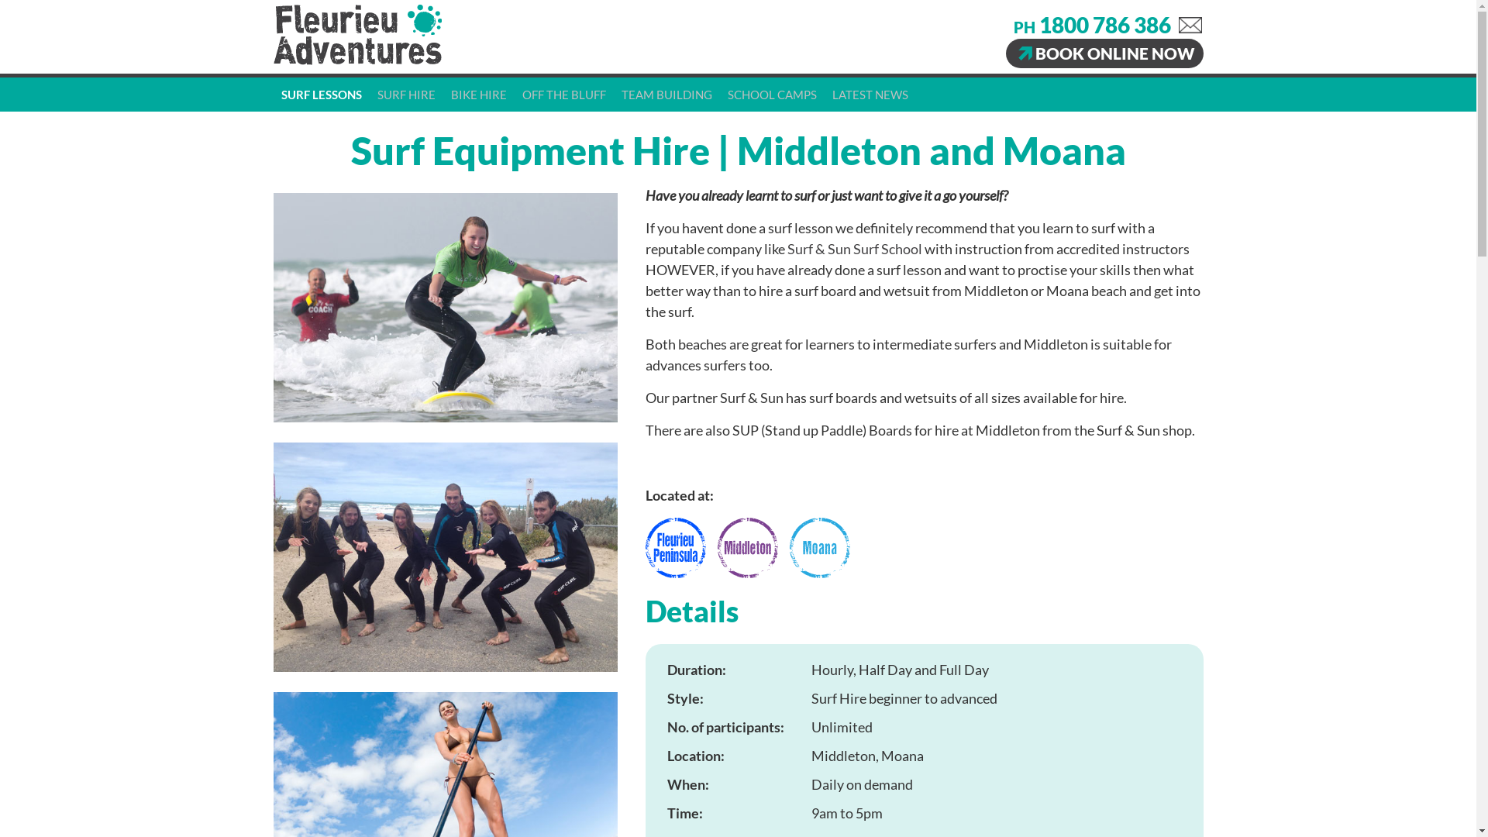 This screenshot has height=837, width=1488. What do you see at coordinates (1104, 24) in the screenshot?
I see `'1800 786 386'` at bounding box center [1104, 24].